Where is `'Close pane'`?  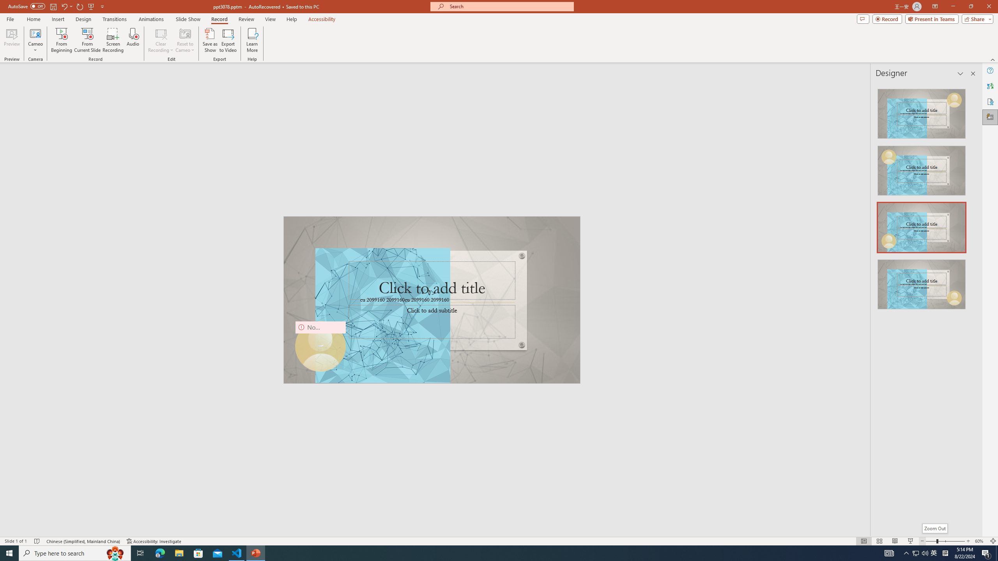
'Close pane' is located at coordinates (973, 73).